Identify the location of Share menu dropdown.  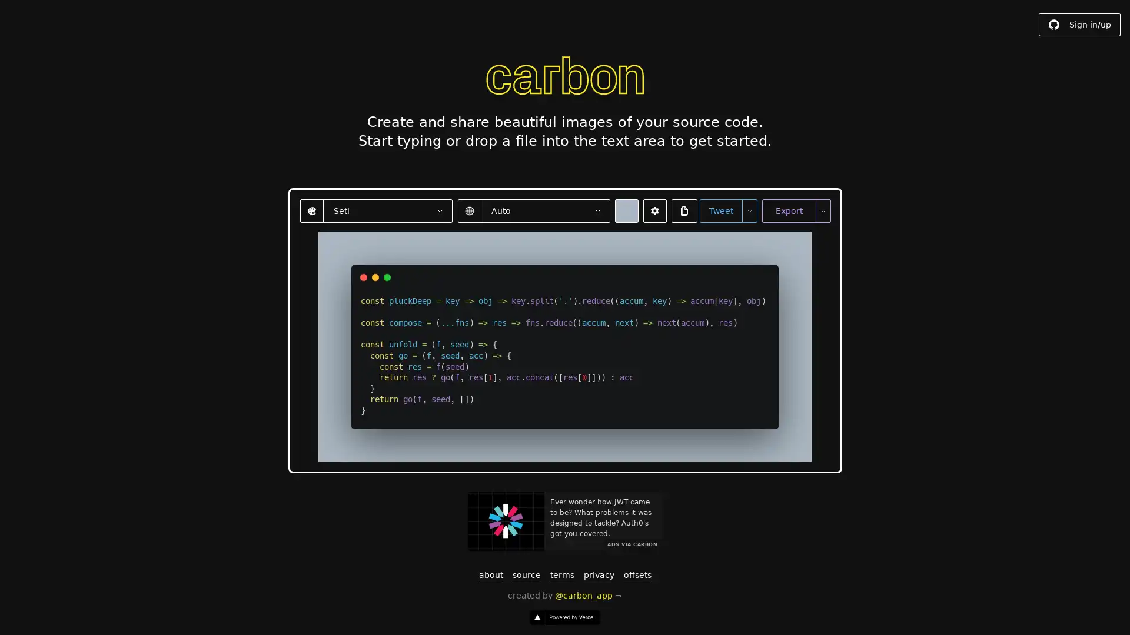
(748, 210).